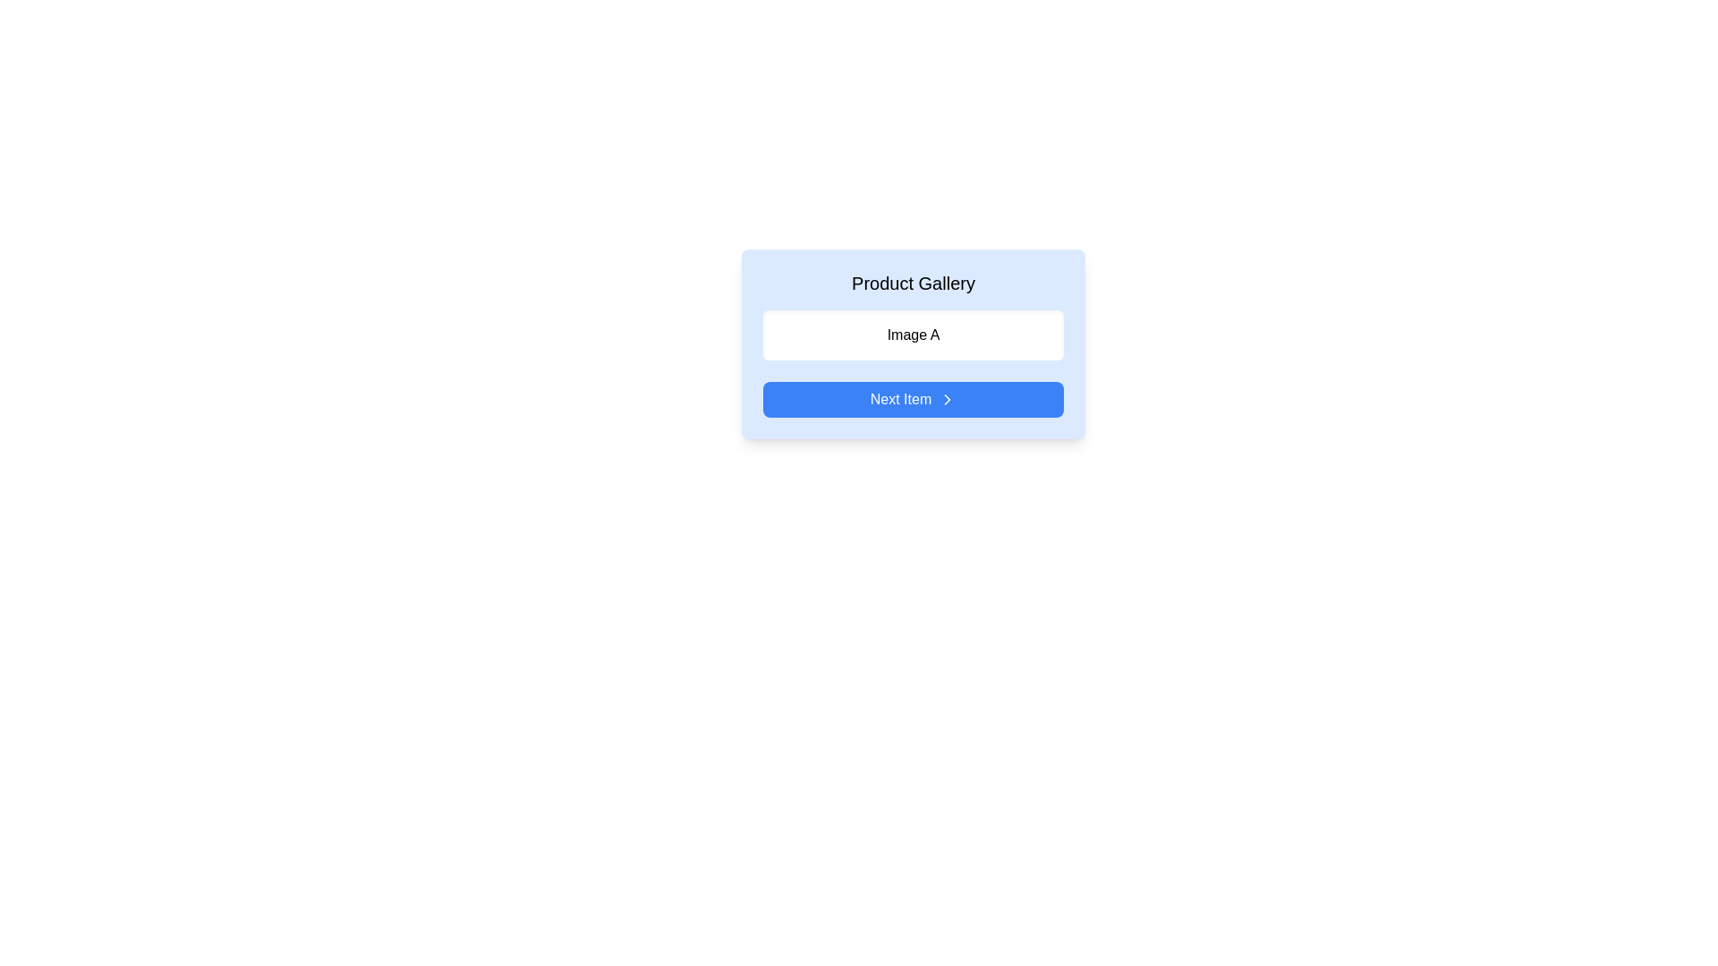  What do you see at coordinates (947, 398) in the screenshot?
I see `the navigational icon located inside the blue 'Next Item' button at the bottom center of the light blue panel` at bounding box center [947, 398].